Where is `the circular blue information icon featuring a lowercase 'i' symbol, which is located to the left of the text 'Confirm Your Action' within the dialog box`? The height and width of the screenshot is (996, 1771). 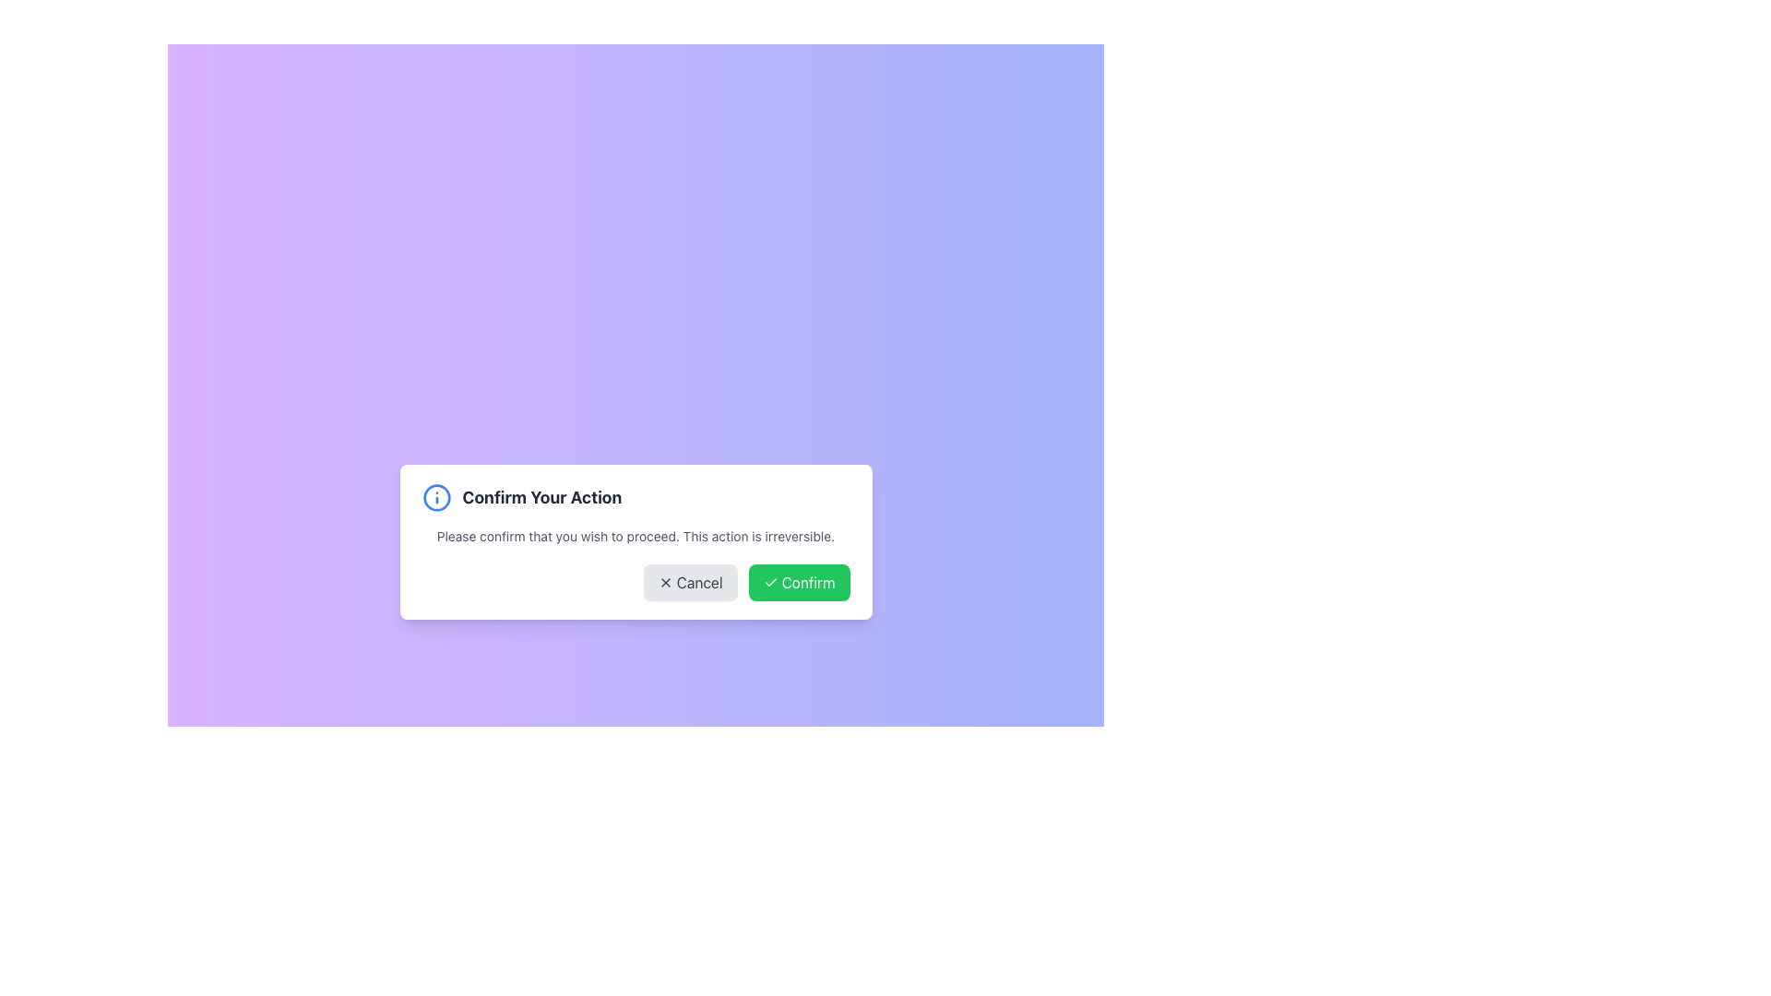 the circular blue information icon featuring a lowercase 'i' symbol, which is located to the left of the text 'Confirm Your Action' within the dialog box is located at coordinates (435, 498).